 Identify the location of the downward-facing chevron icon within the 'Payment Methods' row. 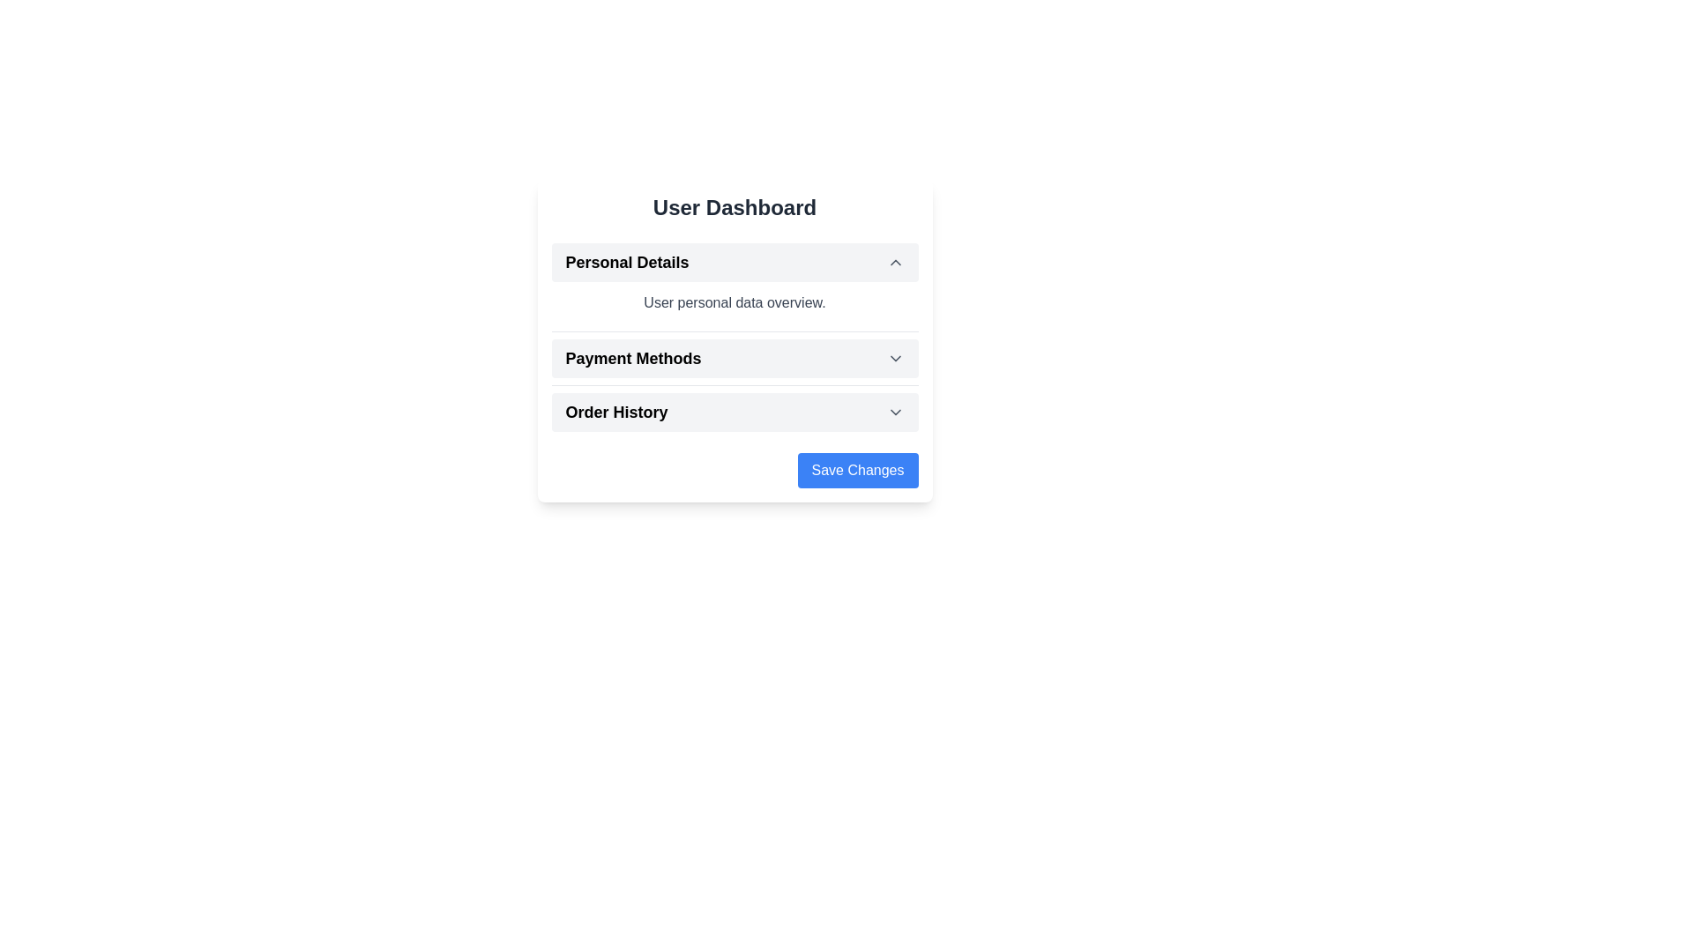
(895, 358).